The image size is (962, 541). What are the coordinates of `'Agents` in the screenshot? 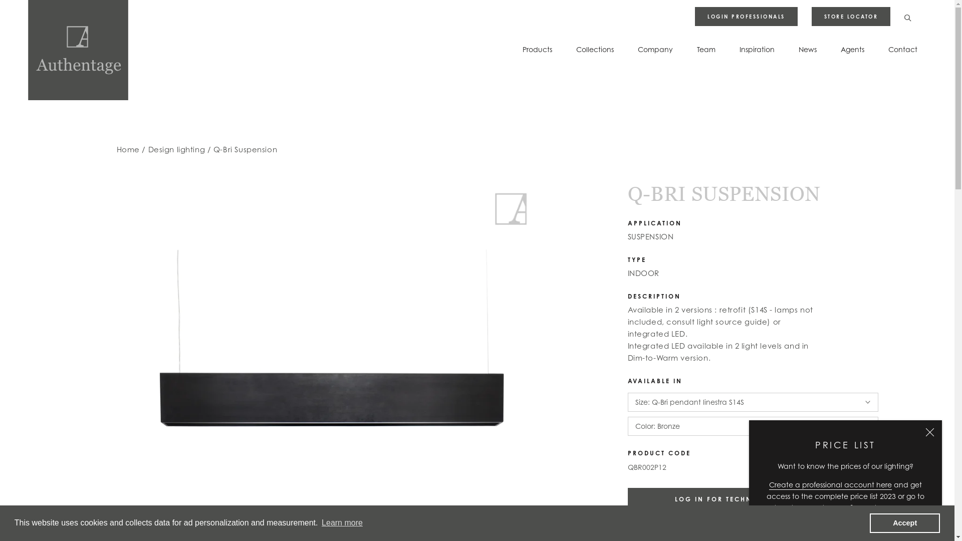 It's located at (841, 49).